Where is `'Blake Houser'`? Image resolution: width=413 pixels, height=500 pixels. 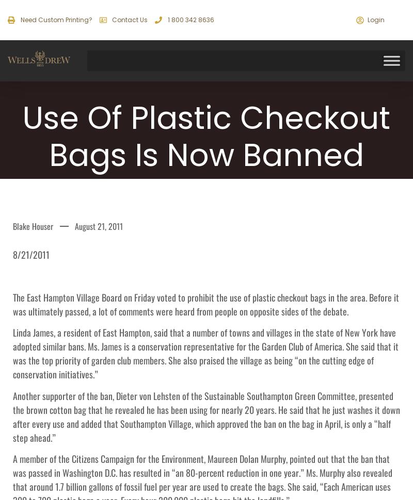 'Blake Houser' is located at coordinates (33, 226).